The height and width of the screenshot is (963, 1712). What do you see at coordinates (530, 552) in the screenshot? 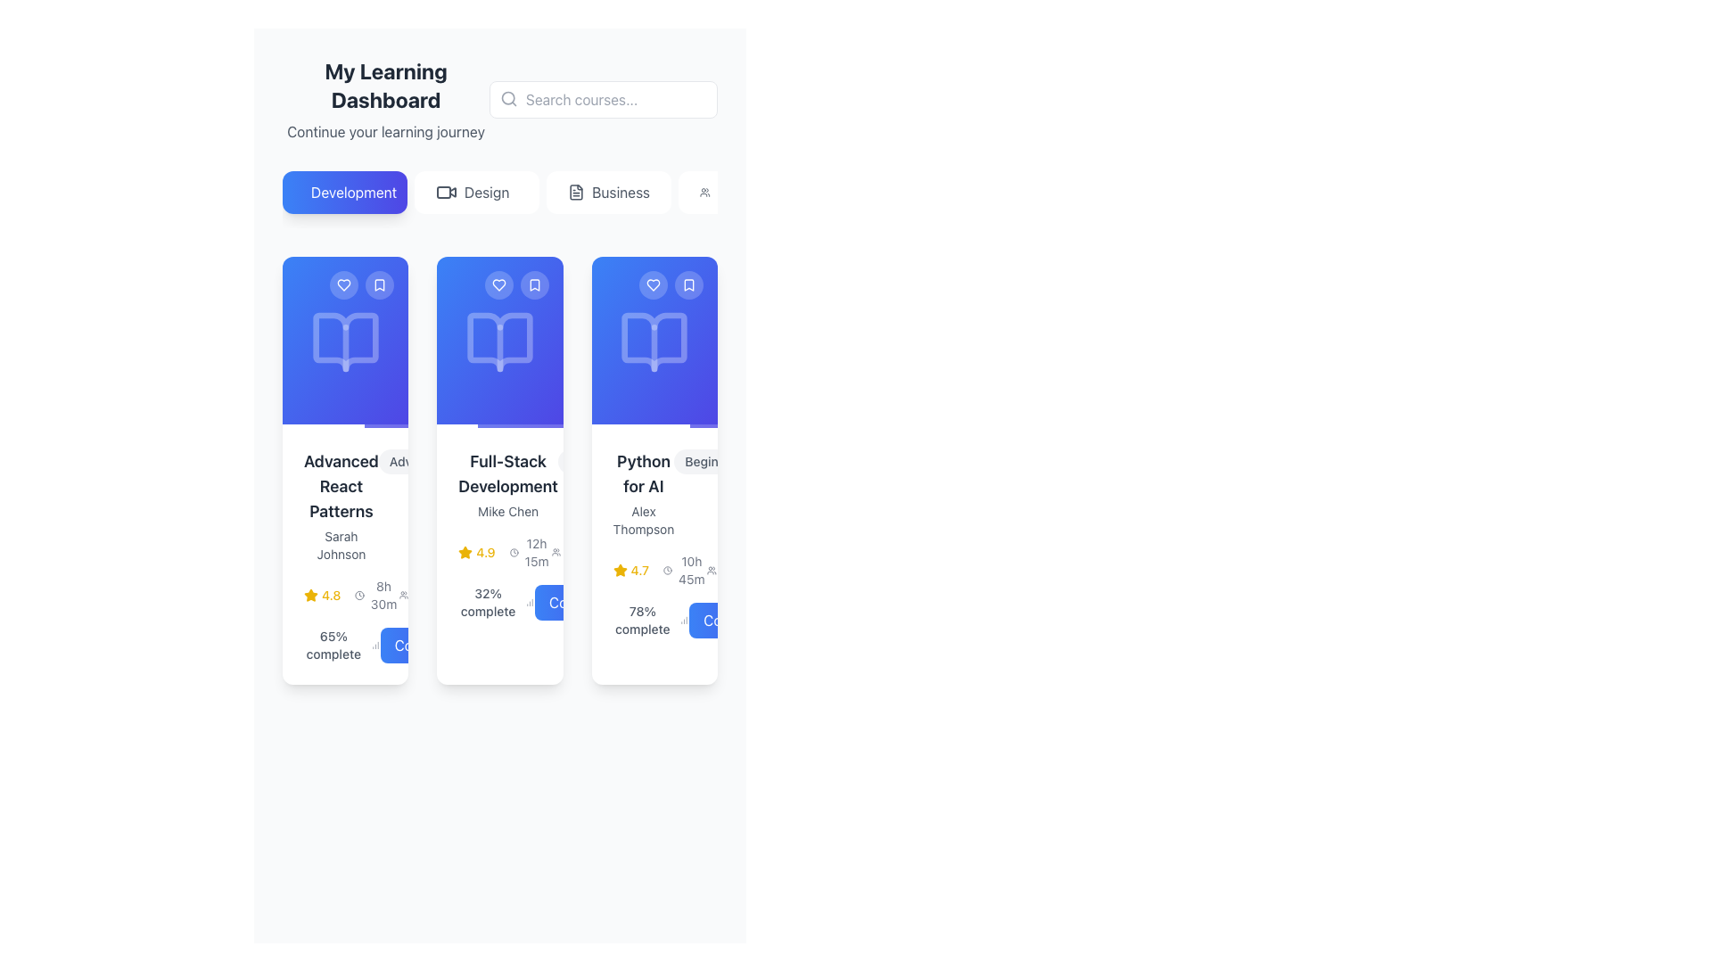
I see `time duration displayed in the text field accompanied by a clock icon in the 'Full-Stack Development' card` at bounding box center [530, 552].